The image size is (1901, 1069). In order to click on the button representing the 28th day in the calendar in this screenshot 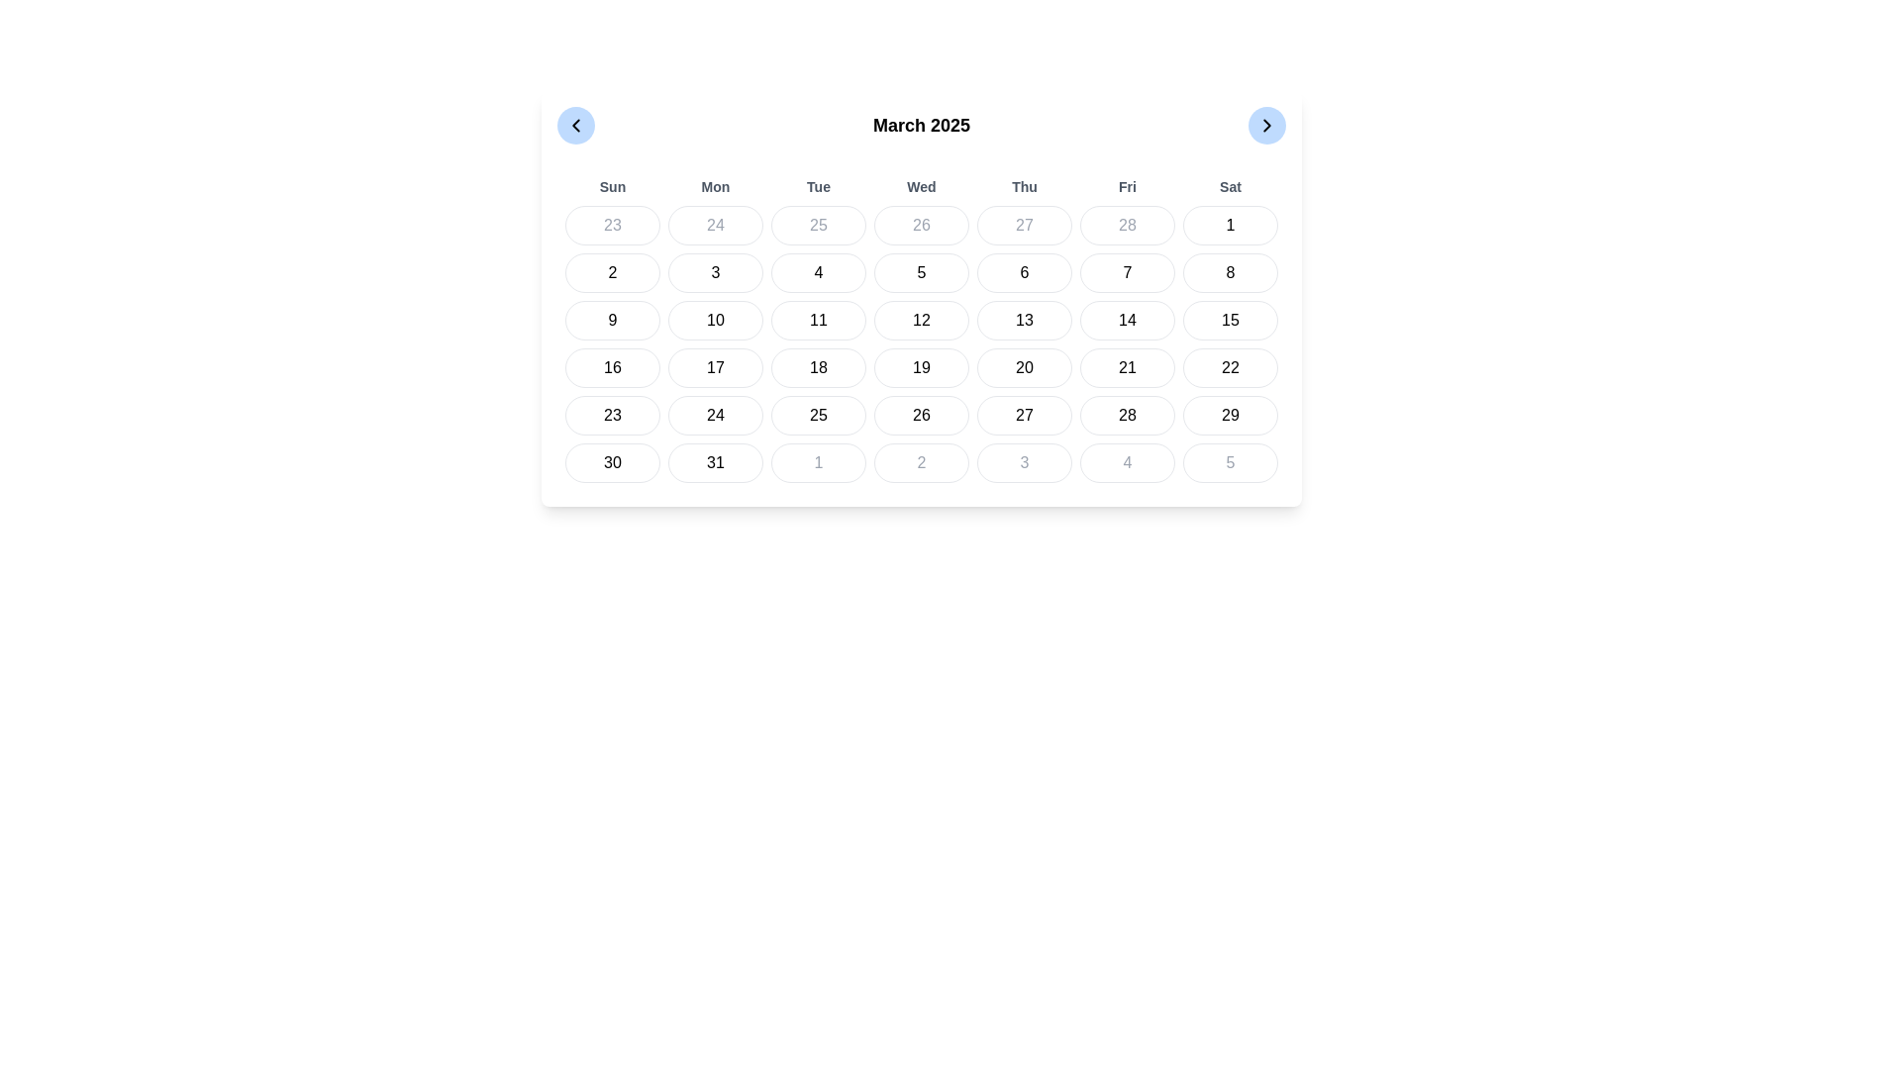, I will do `click(1127, 415)`.